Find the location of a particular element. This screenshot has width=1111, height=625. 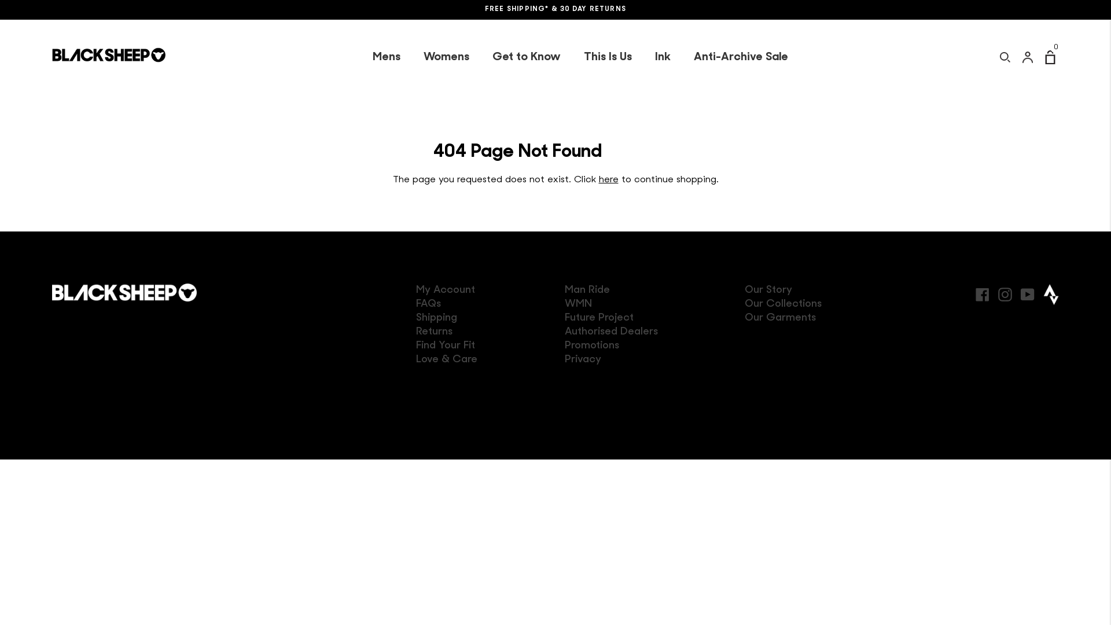

'here' is located at coordinates (608, 180).